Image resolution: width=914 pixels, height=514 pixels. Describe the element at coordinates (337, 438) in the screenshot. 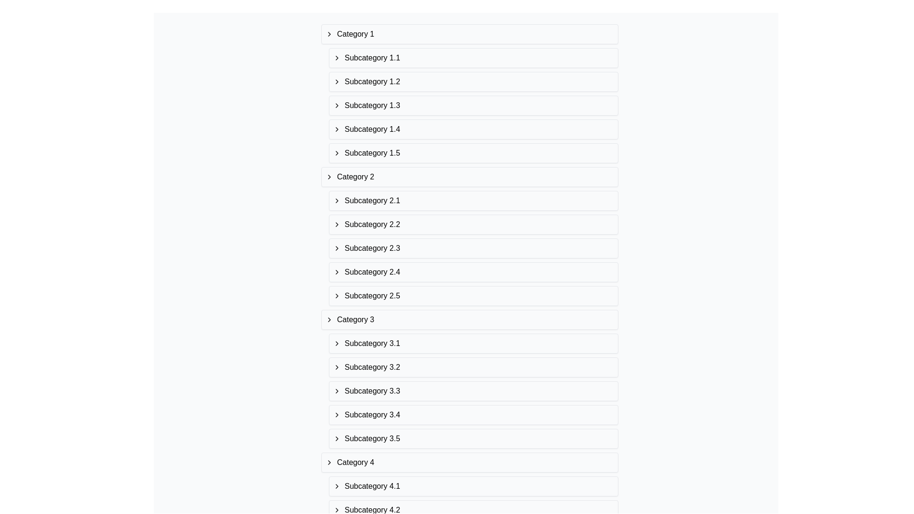

I see `the right-pointing chevron icon located to the left of the text 'Subcategory 3.5'` at that location.